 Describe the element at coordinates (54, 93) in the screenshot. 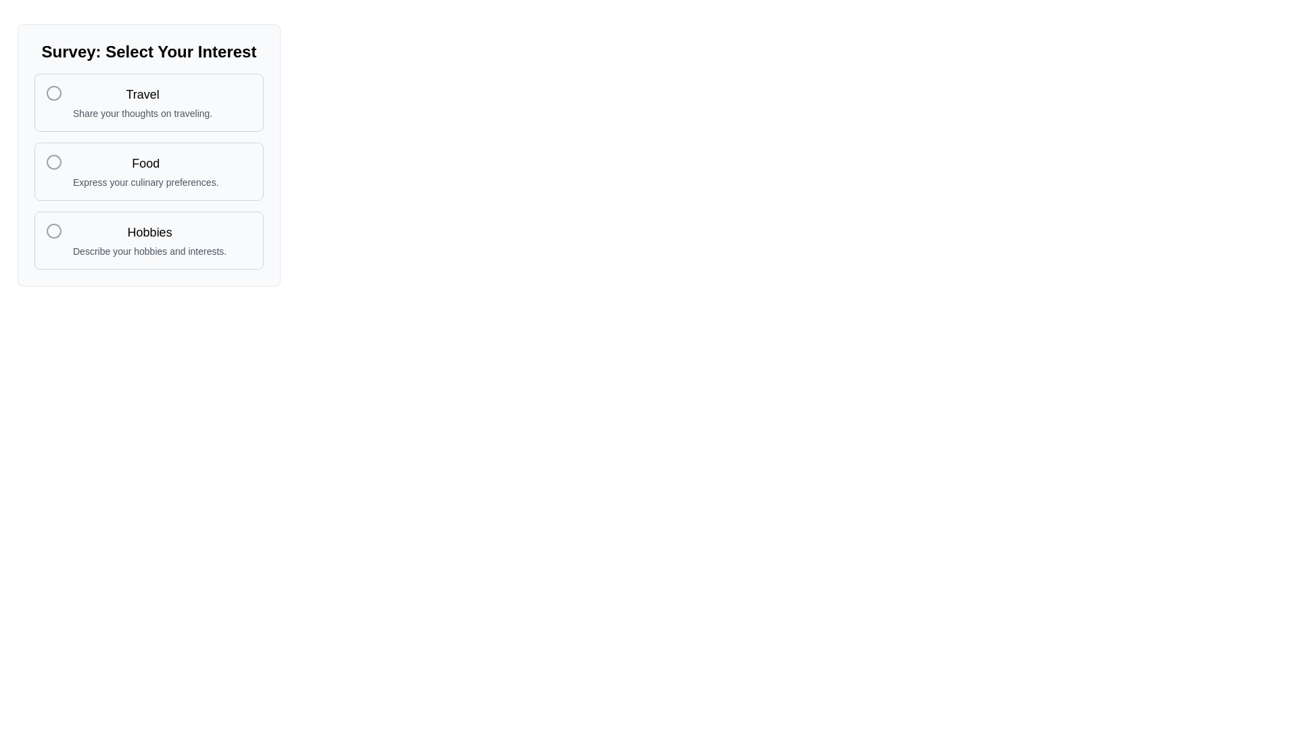

I see `the first radio button in the vertical list` at that location.